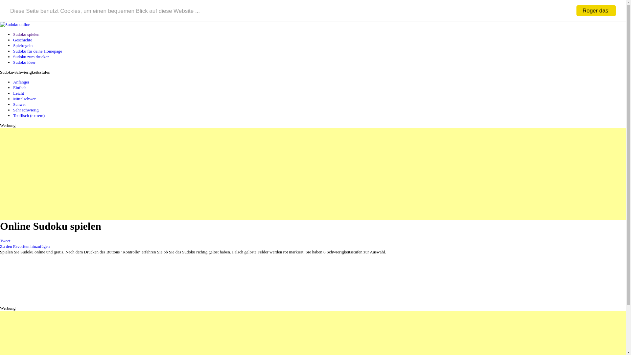 This screenshot has width=631, height=355. I want to click on 'Spielregeln', so click(23, 45).